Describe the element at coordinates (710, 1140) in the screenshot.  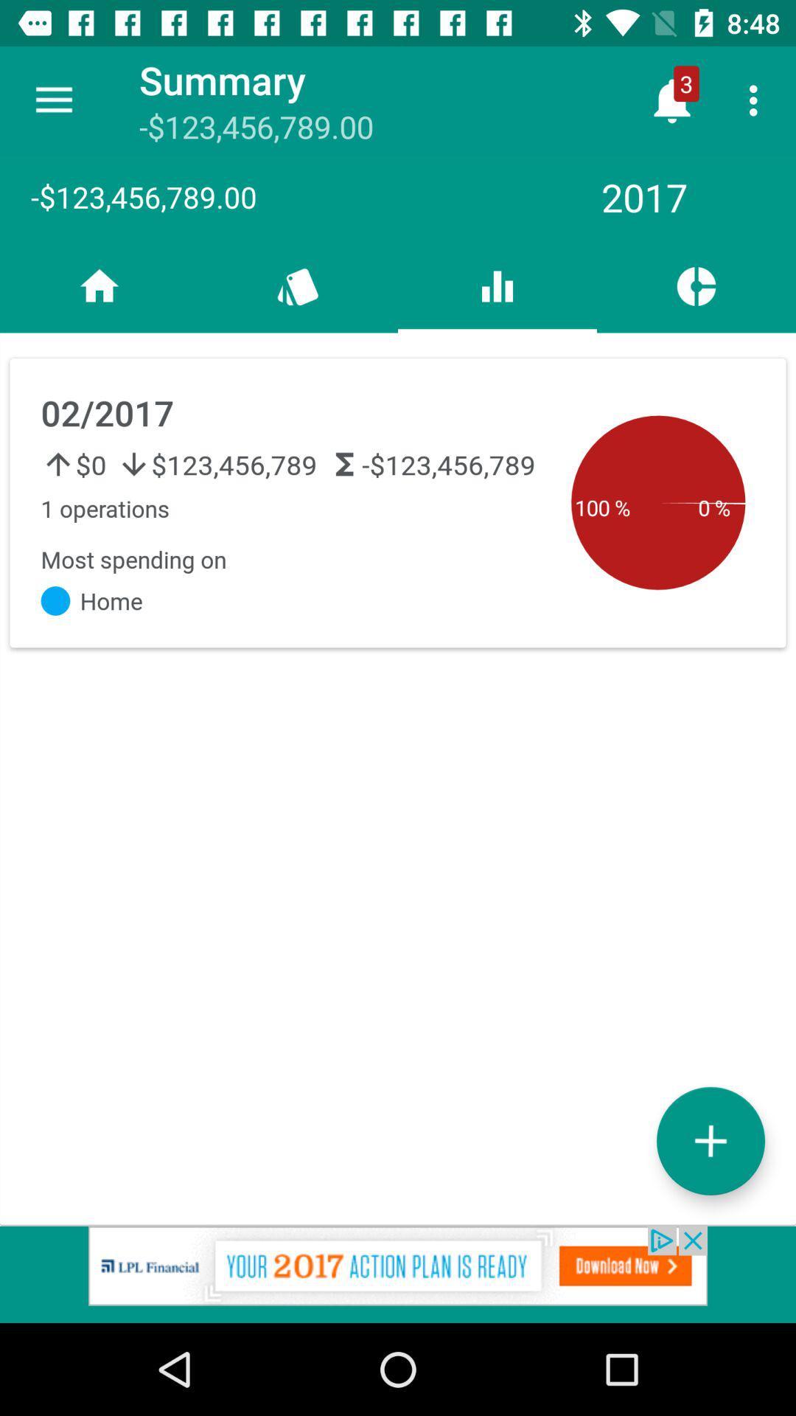
I see `button` at that location.